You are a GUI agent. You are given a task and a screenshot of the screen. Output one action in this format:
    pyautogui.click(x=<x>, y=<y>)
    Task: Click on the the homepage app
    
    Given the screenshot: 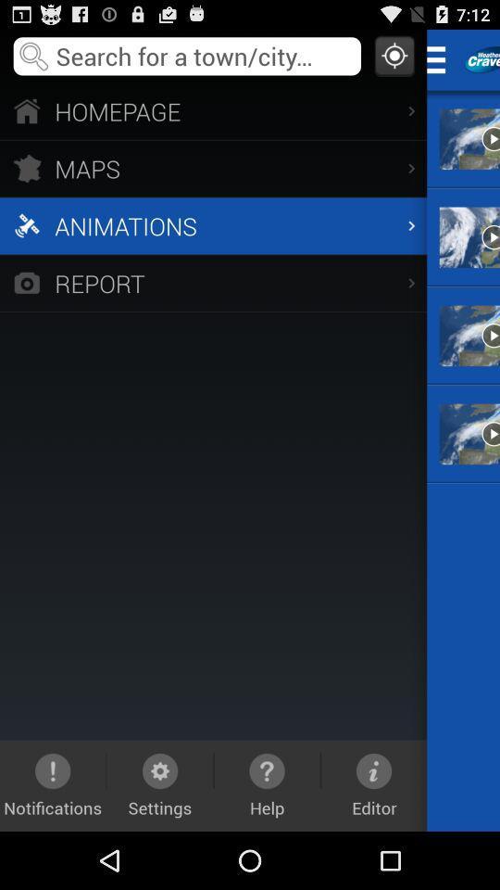 What is the action you would take?
    pyautogui.click(x=212, y=110)
    